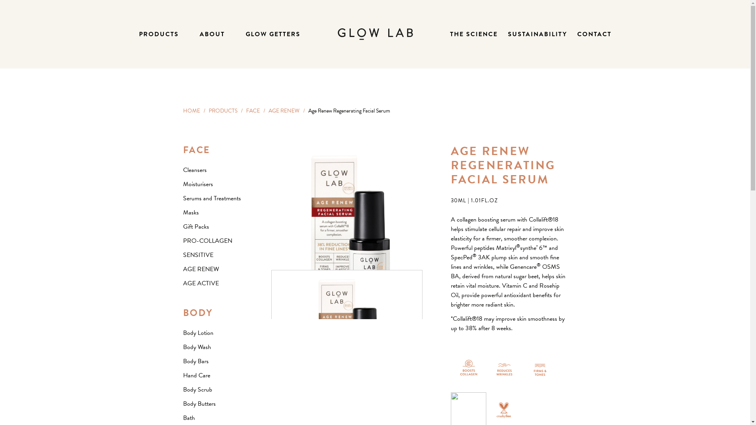 Image resolution: width=756 pixels, height=425 pixels. What do you see at coordinates (195, 170) in the screenshot?
I see `'Cleansers'` at bounding box center [195, 170].